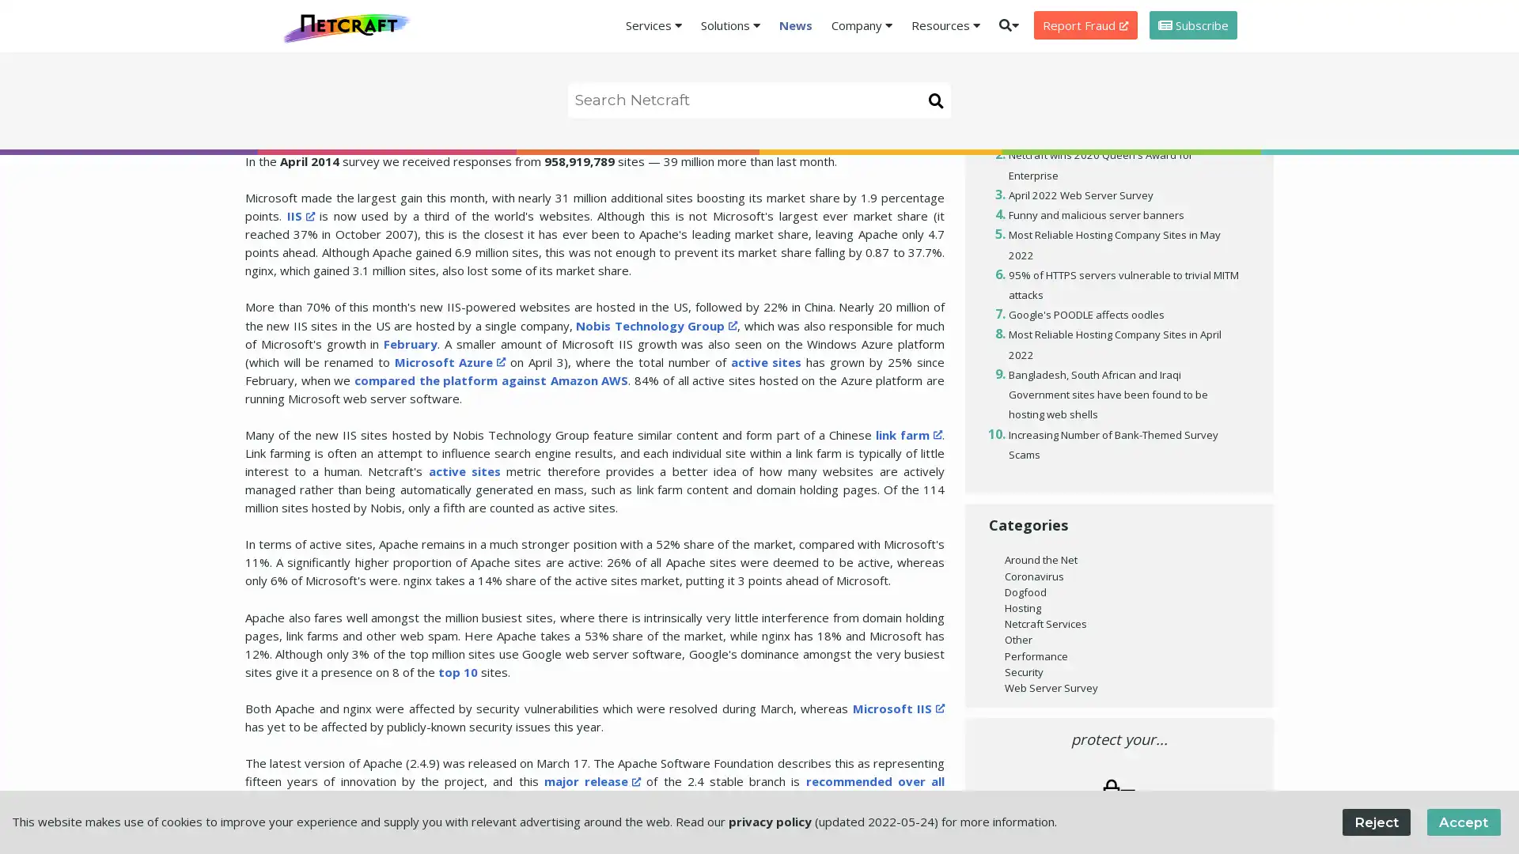 Image resolution: width=1519 pixels, height=854 pixels. Describe the element at coordinates (1462, 821) in the screenshot. I see `Accept` at that location.